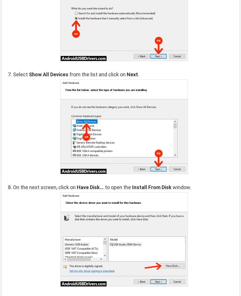 This screenshot has width=241, height=296. Describe the element at coordinates (132, 187) in the screenshot. I see `'Install From Disk'` at that location.